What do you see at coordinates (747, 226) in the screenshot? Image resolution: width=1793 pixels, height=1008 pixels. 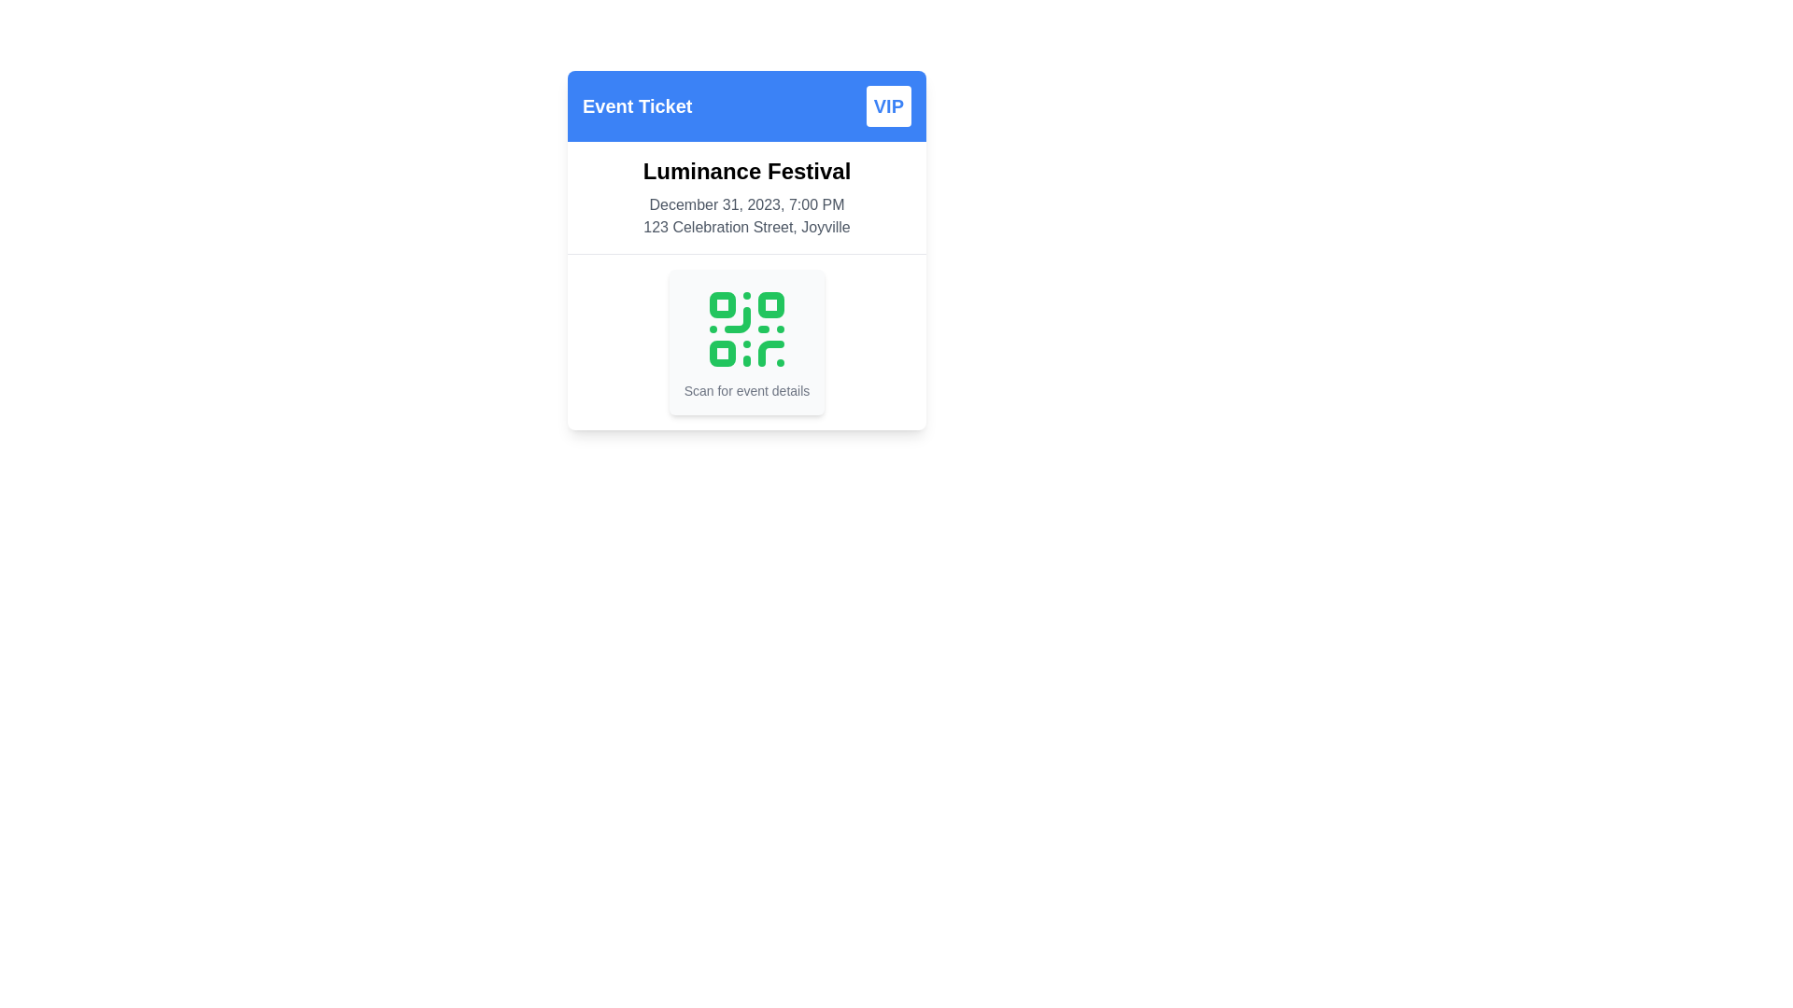 I see `the static text field displaying the address '123 Celebration Street, Joyville', located below the date text and above the QR code section` at bounding box center [747, 226].